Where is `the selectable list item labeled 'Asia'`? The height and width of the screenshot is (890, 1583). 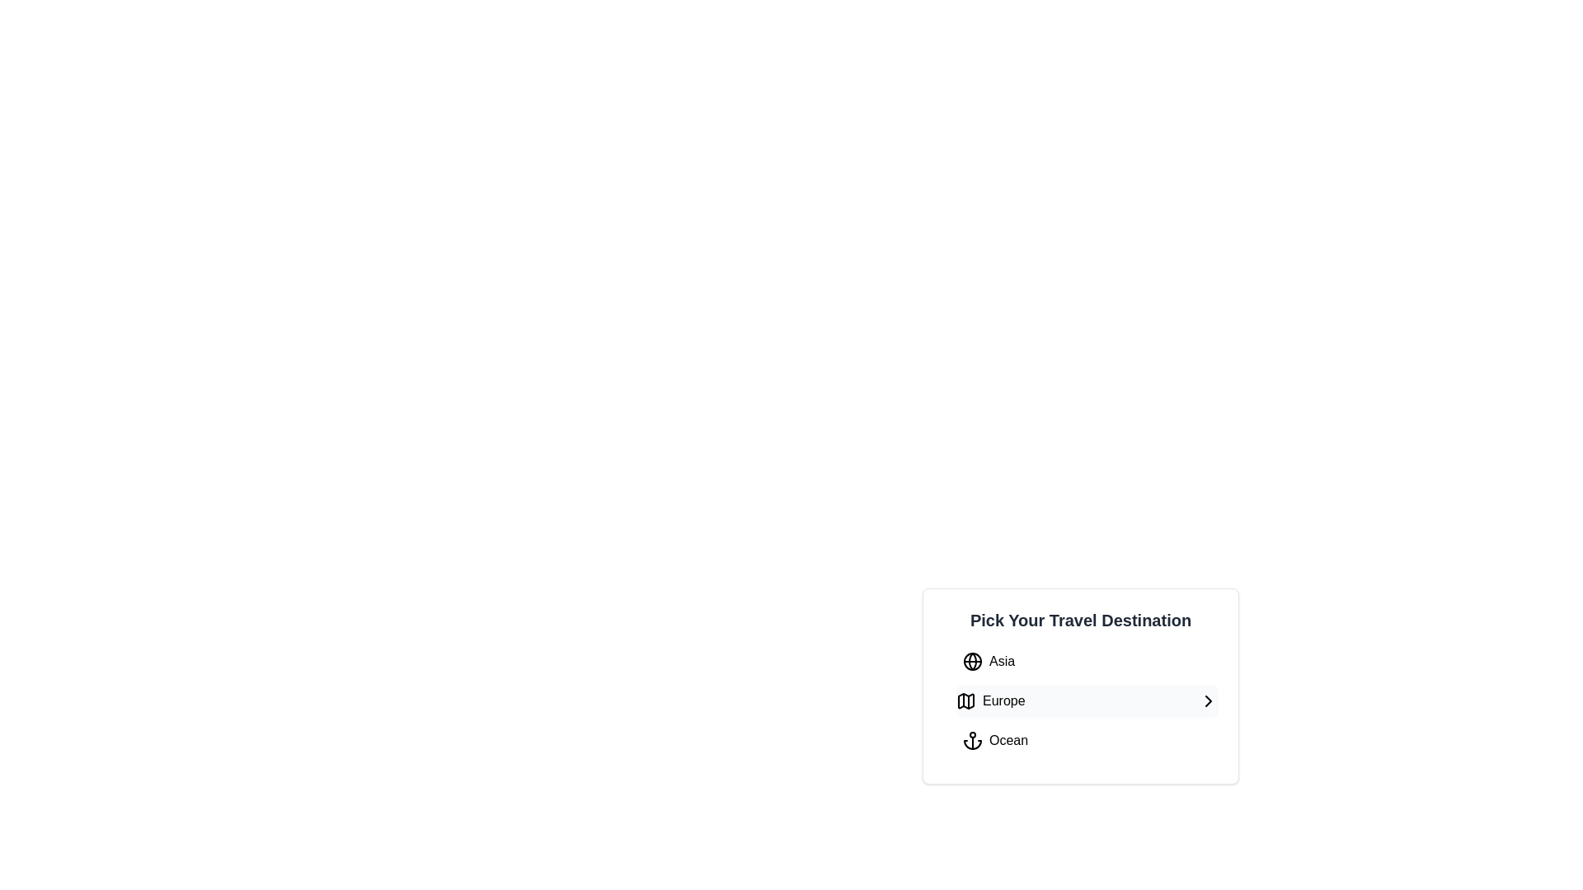
the selectable list item labeled 'Asia' is located at coordinates (1087, 660).